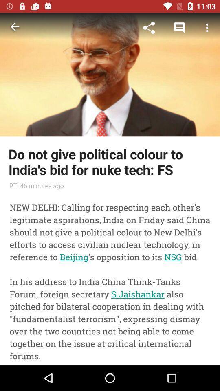 This screenshot has width=220, height=391. Describe the element at coordinates (149, 28) in the screenshot. I see `item above do not give item` at that location.